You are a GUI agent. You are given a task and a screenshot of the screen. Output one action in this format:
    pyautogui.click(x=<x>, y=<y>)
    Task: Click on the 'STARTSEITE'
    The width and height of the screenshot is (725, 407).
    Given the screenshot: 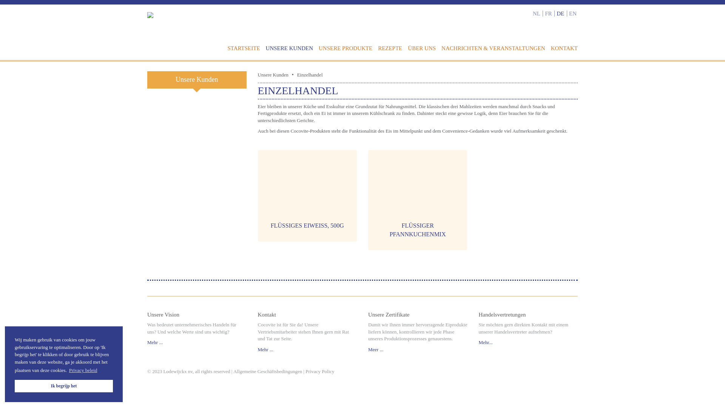 What is the action you would take?
    pyautogui.click(x=244, y=48)
    